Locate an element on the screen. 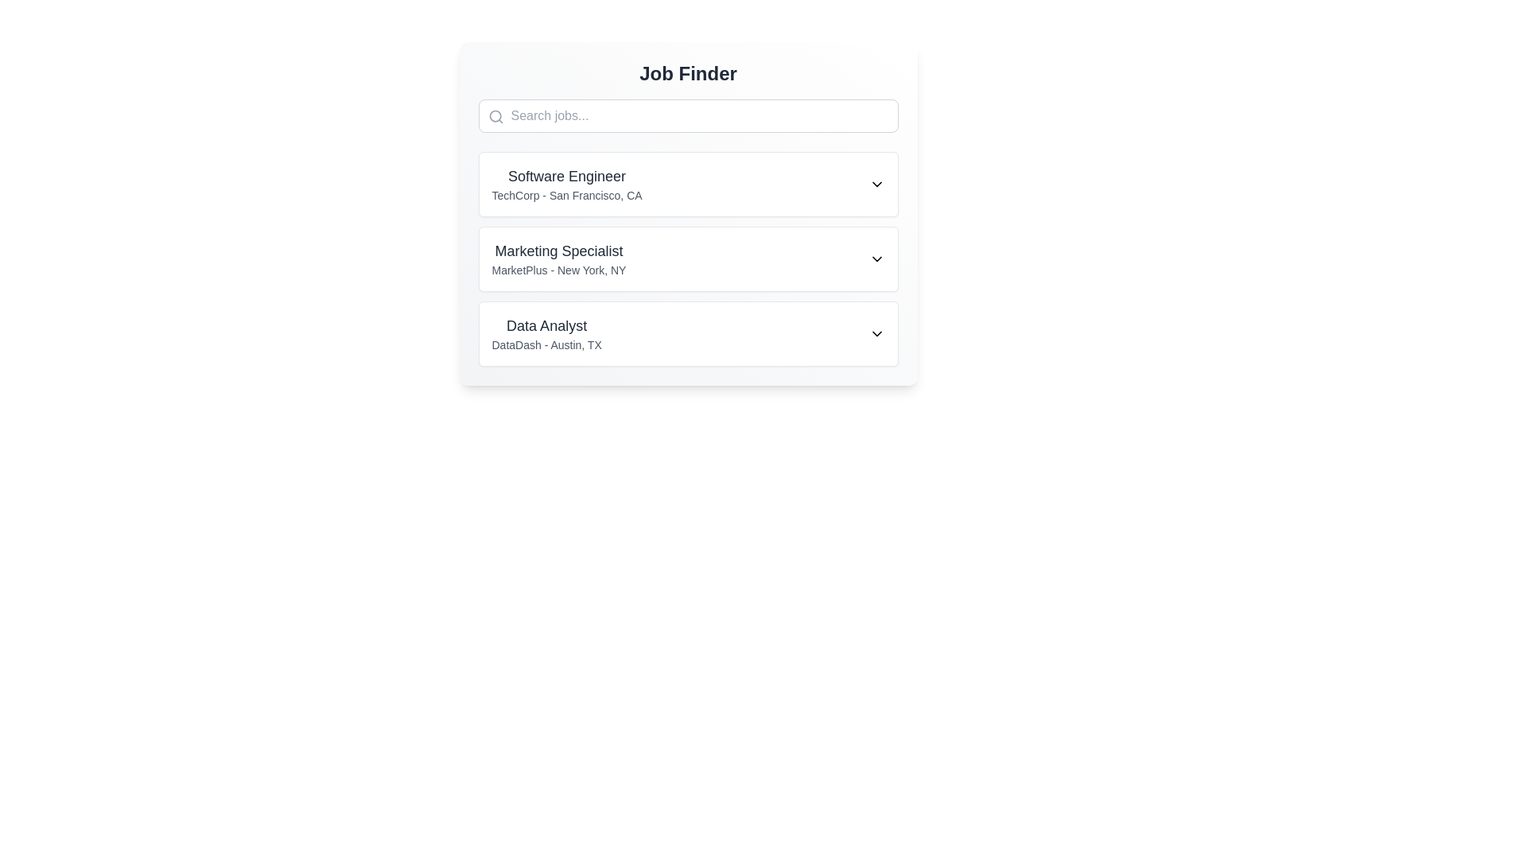 The image size is (1527, 859). the text label providing contextual information about the job listing for the employer and location, positioned below the title 'Software Engineer' is located at coordinates (567, 195).